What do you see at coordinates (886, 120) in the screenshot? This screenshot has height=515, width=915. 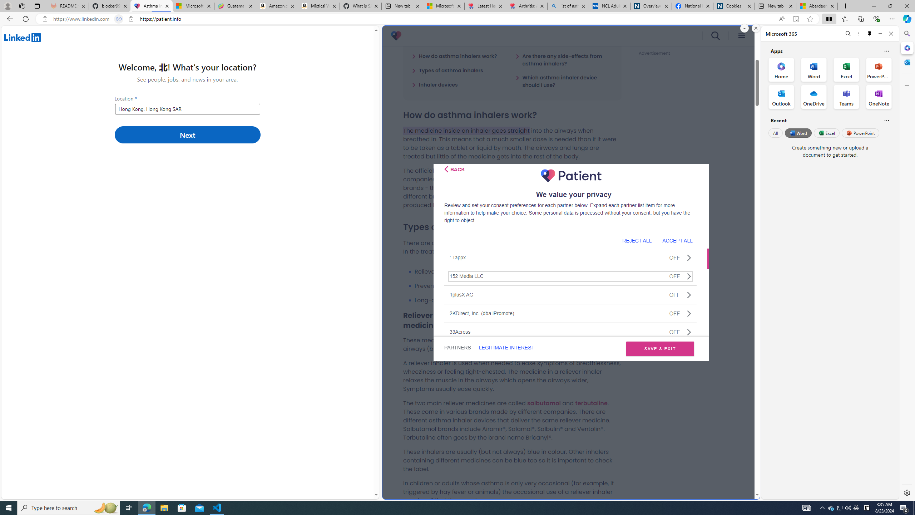 I see `'Is this helpful?'` at bounding box center [886, 120].